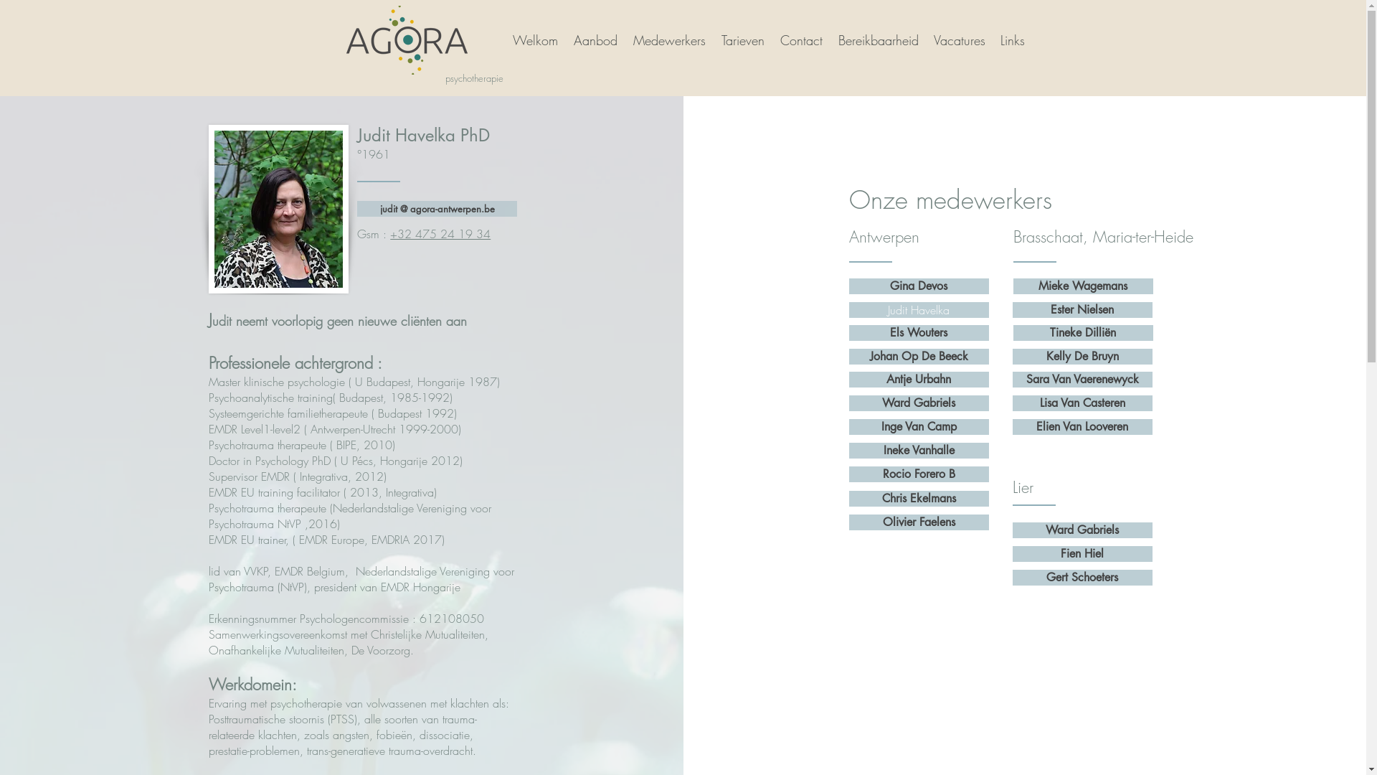 The image size is (1377, 775). Describe the element at coordinates (919, 286) in the screenshot. I see `'Gina Devos'` at that location.